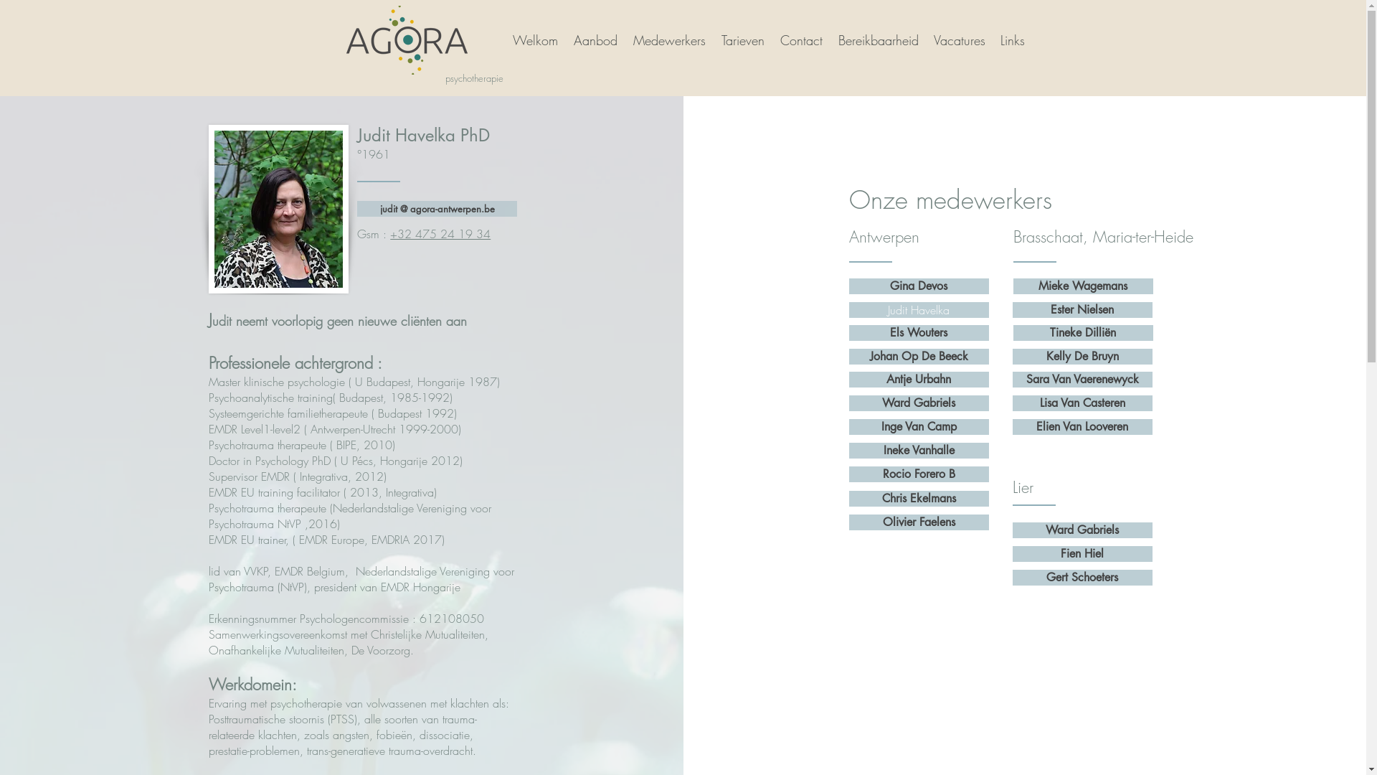 The image size is (1377, 775). Describe the element at coordinates (919, 286) in the screenshot. I see `'Gina Devos'` at that location.